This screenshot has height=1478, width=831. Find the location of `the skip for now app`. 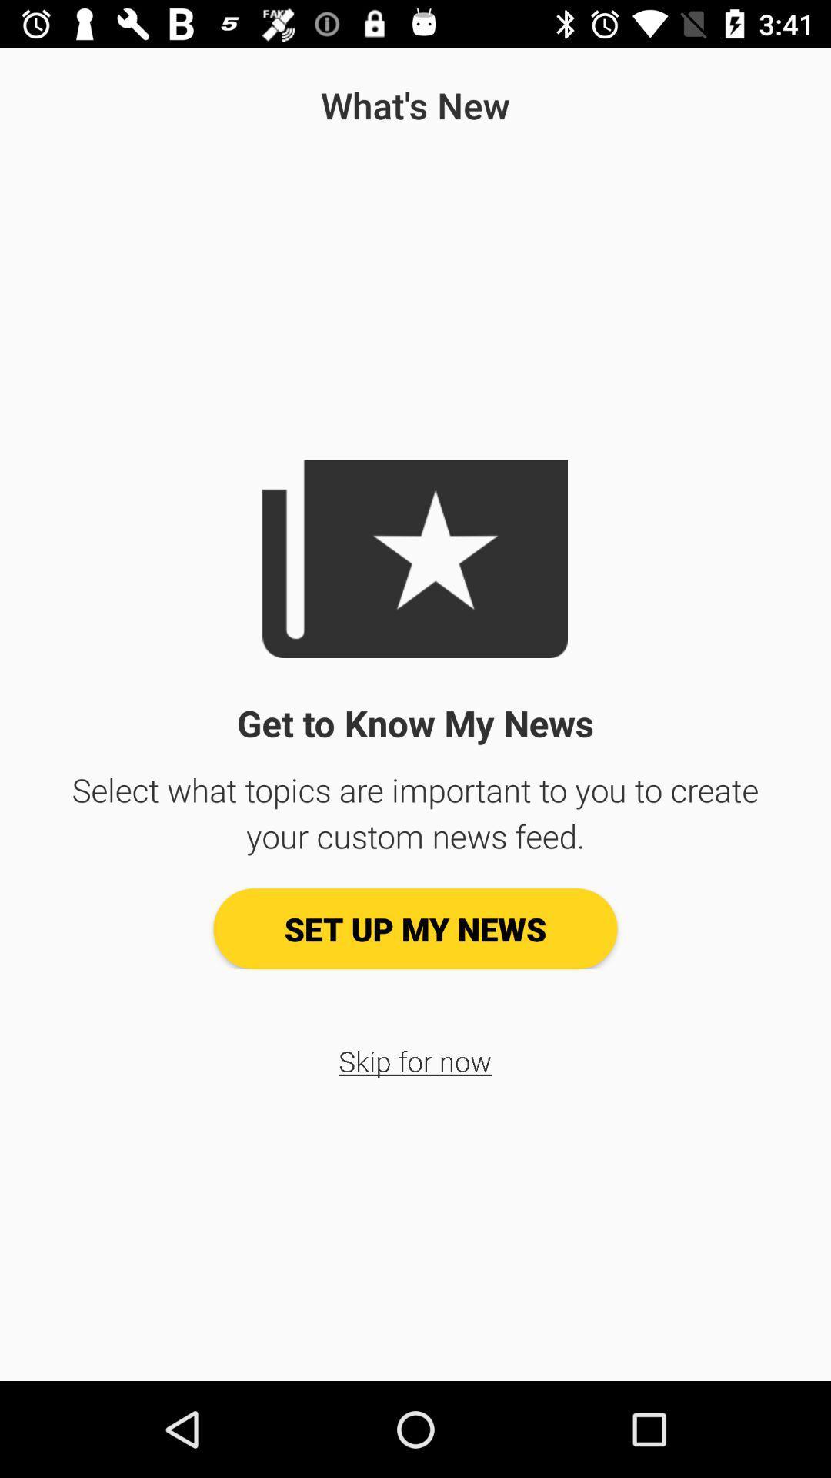

the skip for now app is located at coordinates (414, 1060).